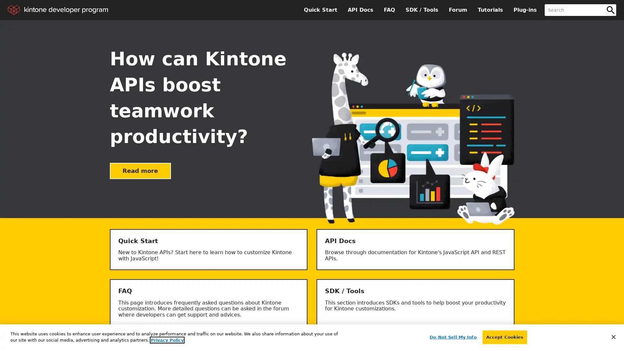 The image size is (624, 351). I want to click on Do Not Sell My Info, so click(452, 337).